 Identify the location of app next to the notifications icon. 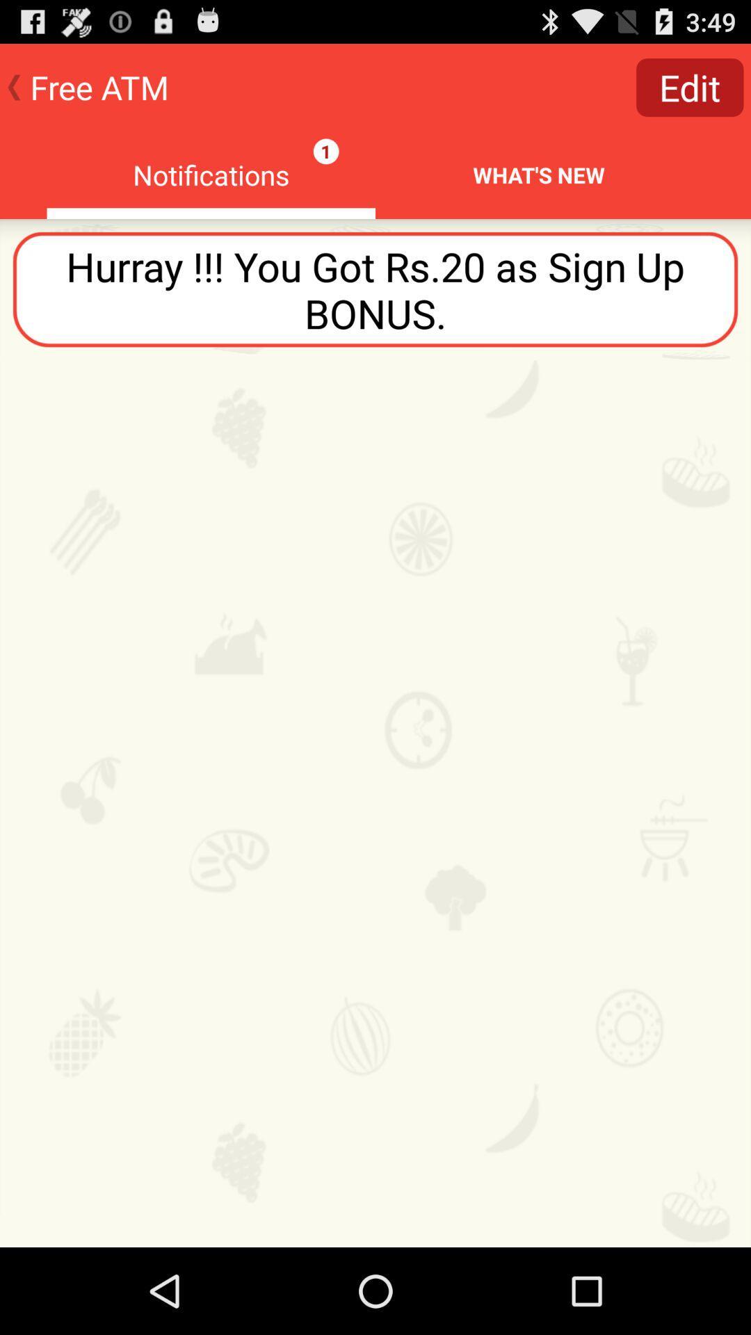
(690, 86).